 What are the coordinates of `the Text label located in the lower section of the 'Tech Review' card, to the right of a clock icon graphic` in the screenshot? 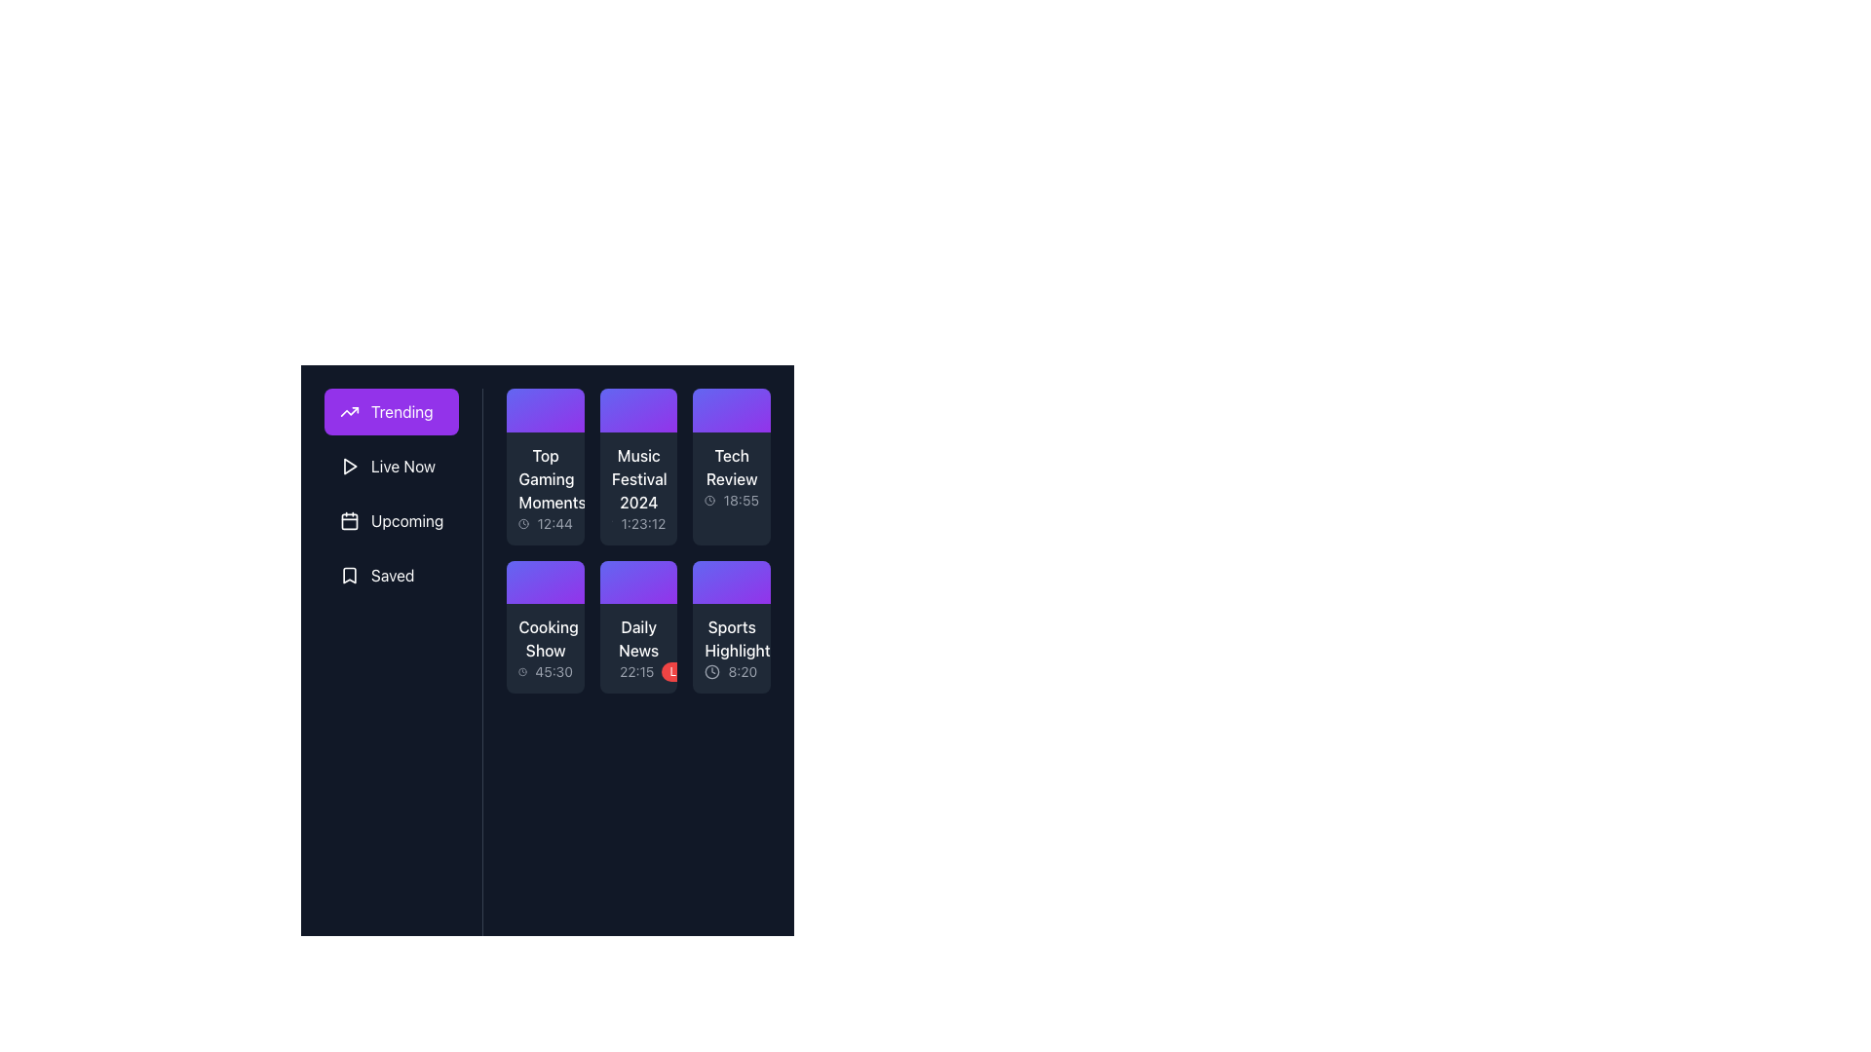 It's located at (740, 499).